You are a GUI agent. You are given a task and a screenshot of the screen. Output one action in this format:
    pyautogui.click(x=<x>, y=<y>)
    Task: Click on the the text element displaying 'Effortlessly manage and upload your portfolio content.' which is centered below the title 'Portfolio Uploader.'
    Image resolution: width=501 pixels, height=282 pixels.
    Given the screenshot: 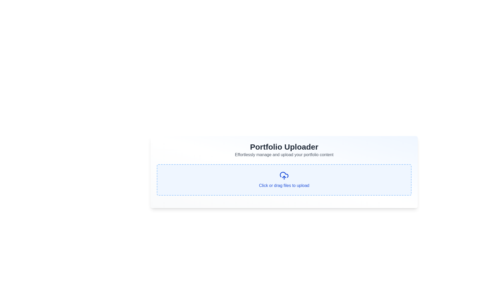 What is the action you would take?
    pyautogui.click(x=284, y=155)
    